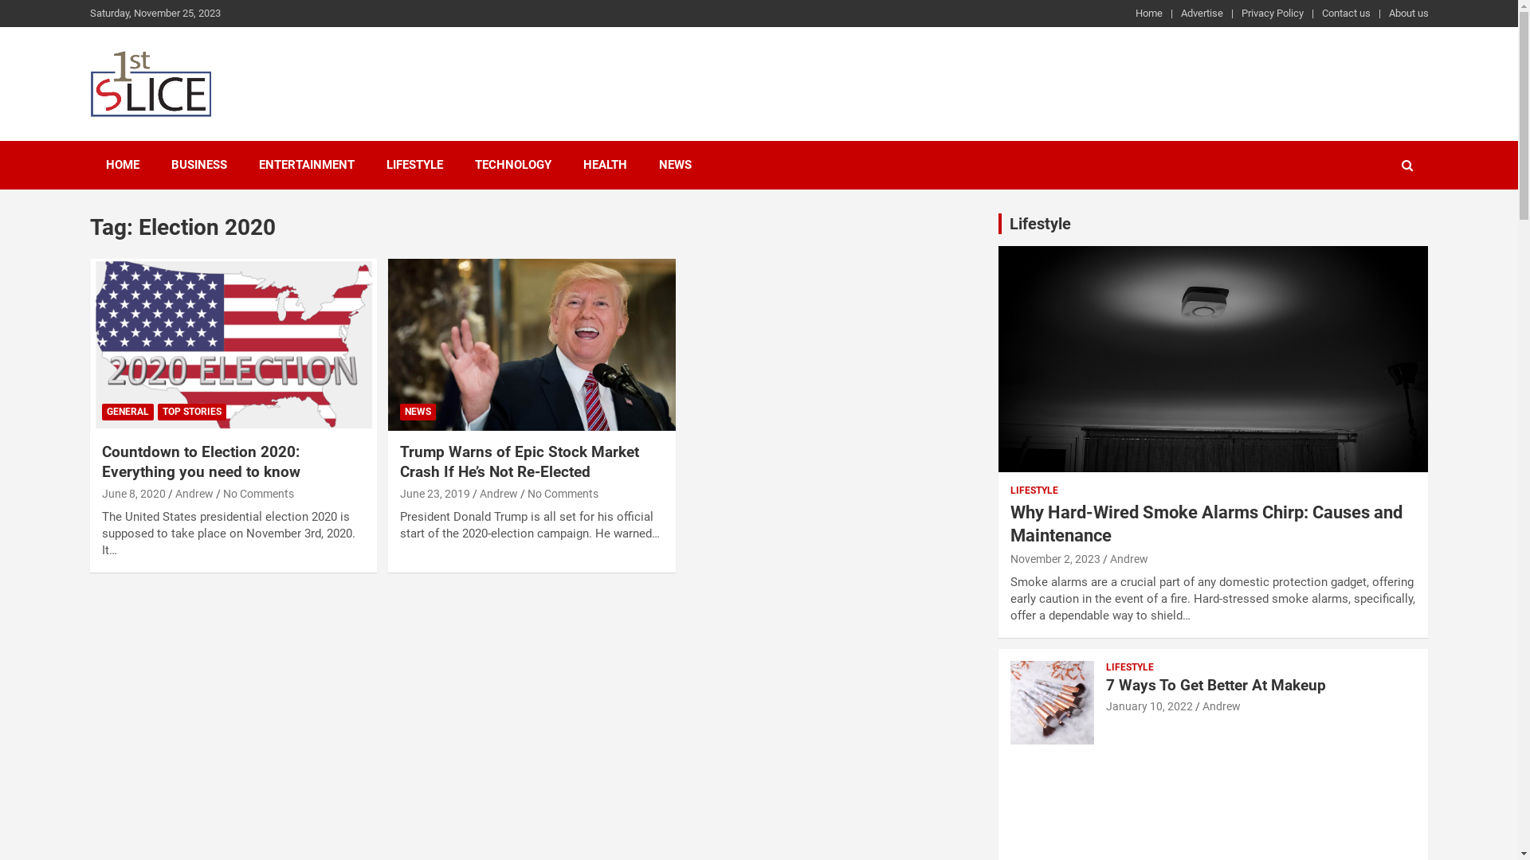 The height and width of the screenshot is (860, 1530). What do you see at coordinates (175, 493) in the screenshot?
I see `'Andrew'` at bounding box center [175, 493].